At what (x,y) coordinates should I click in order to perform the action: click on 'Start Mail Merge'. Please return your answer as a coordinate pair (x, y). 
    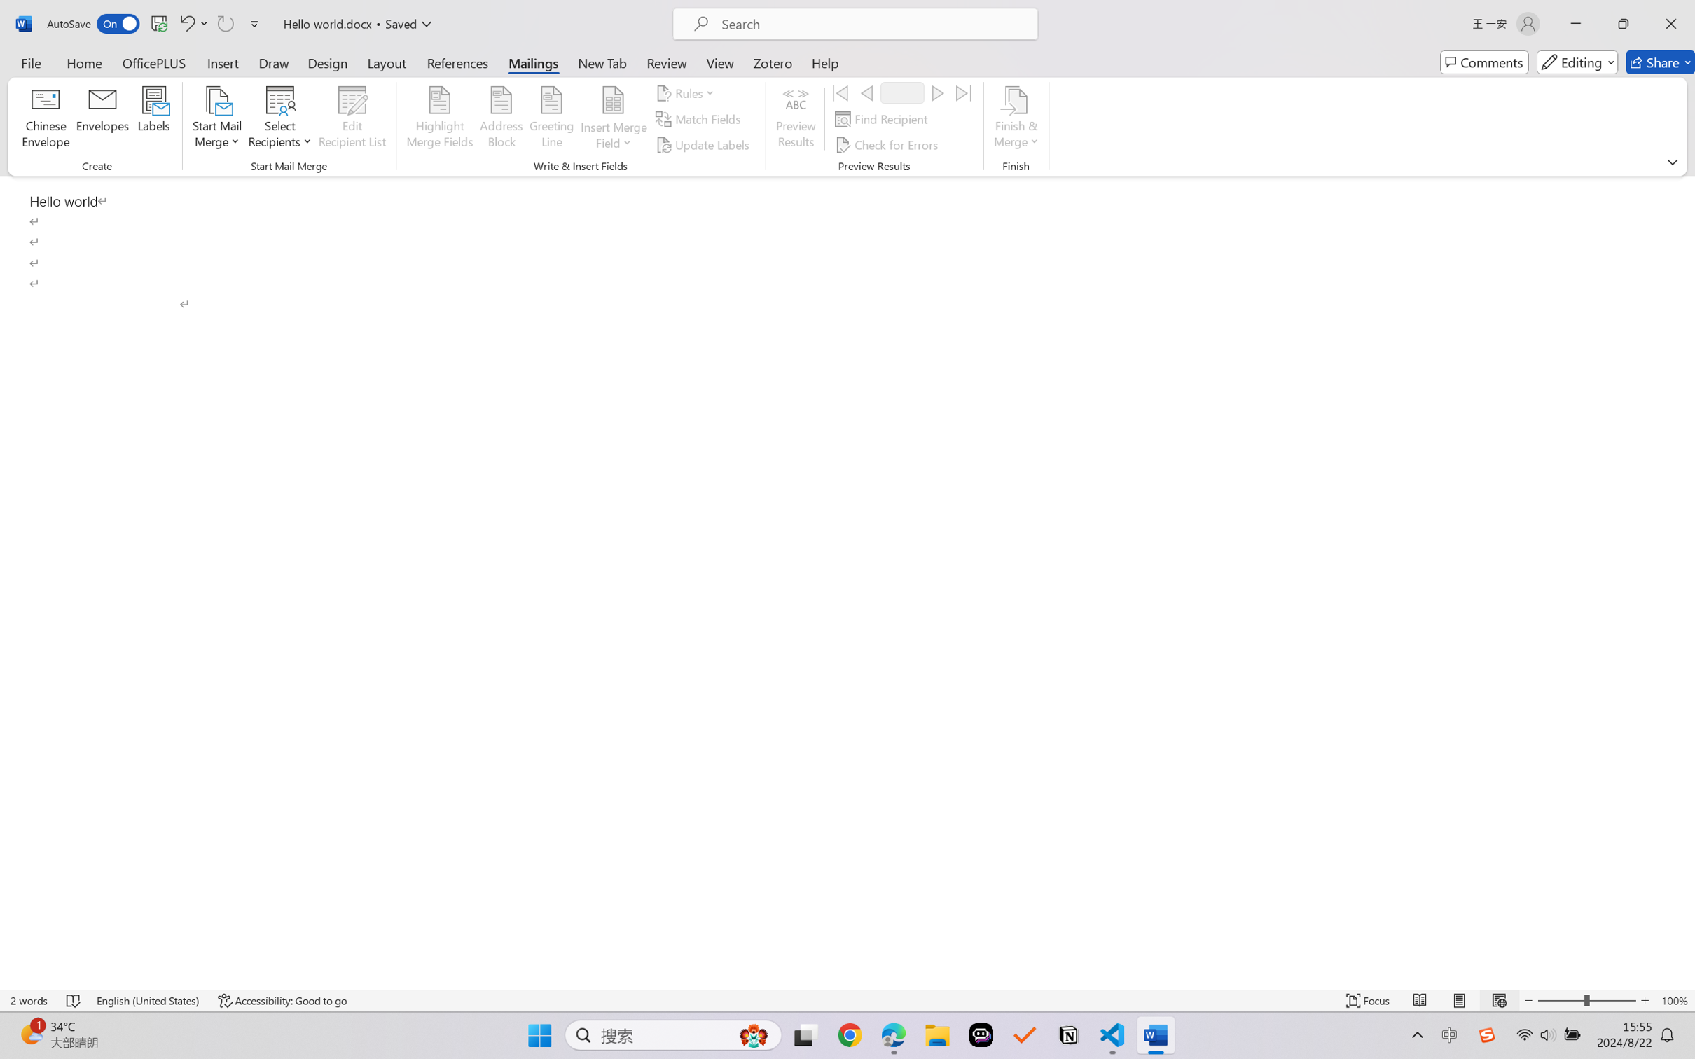
    Looking at the image, I should click on (216, 119).